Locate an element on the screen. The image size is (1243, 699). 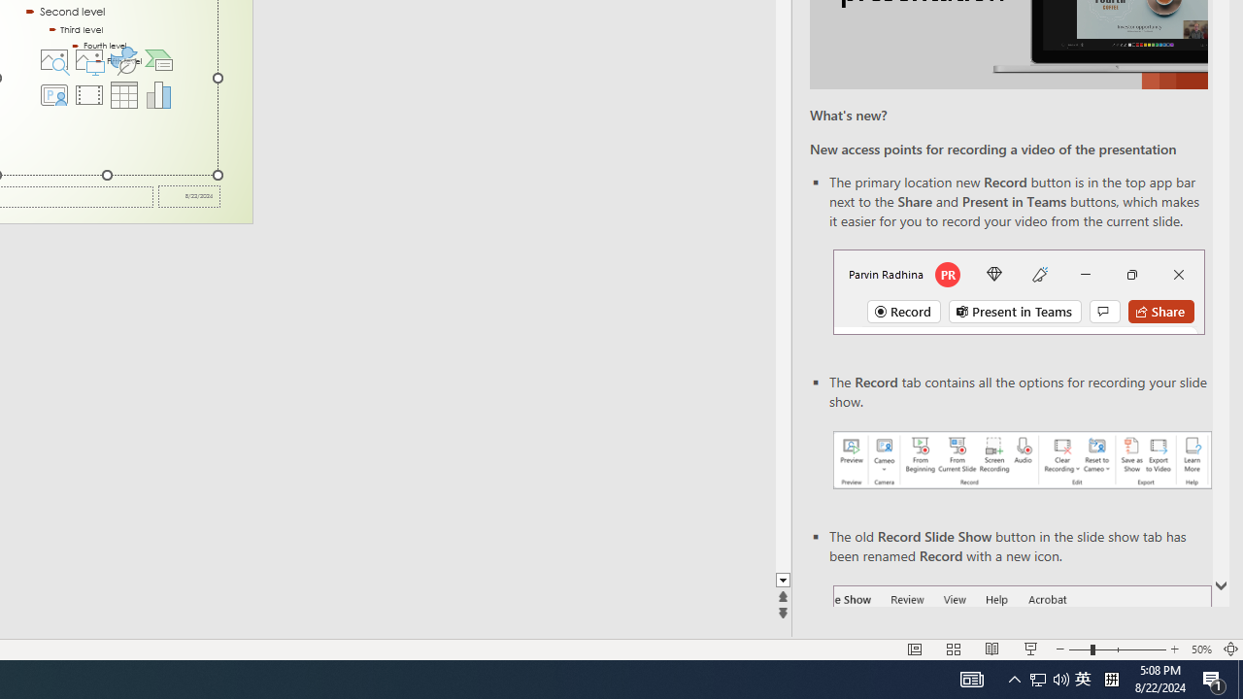
'Insert an Icon' is located at coordinates (123, 58).